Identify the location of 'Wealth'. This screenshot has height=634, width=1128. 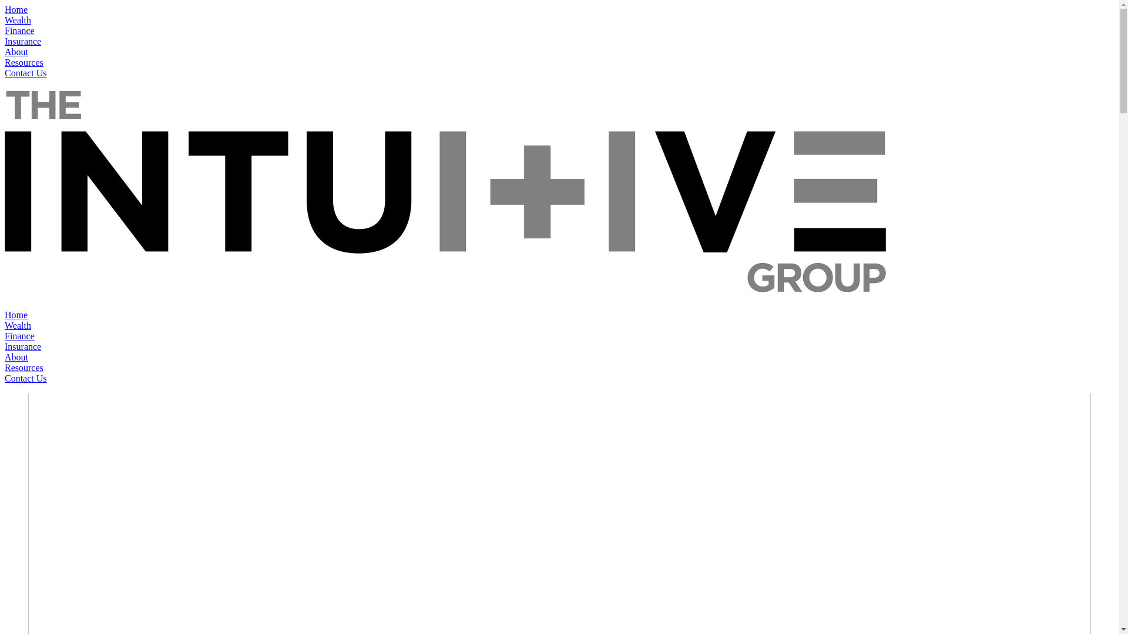
(5, 20).